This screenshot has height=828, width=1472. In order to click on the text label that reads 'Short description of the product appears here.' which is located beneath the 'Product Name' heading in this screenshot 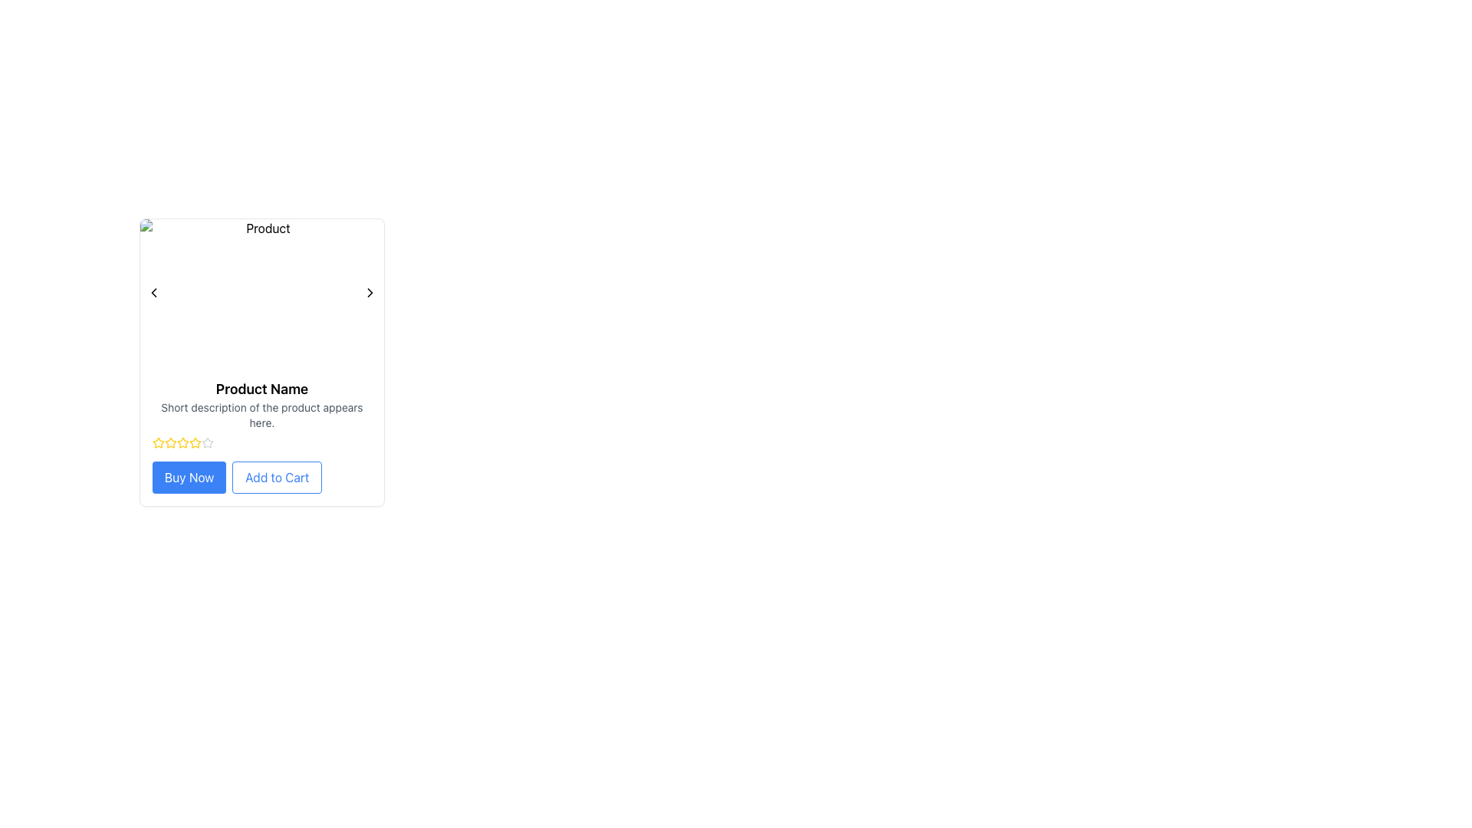, I will do `click(261, 416)`.